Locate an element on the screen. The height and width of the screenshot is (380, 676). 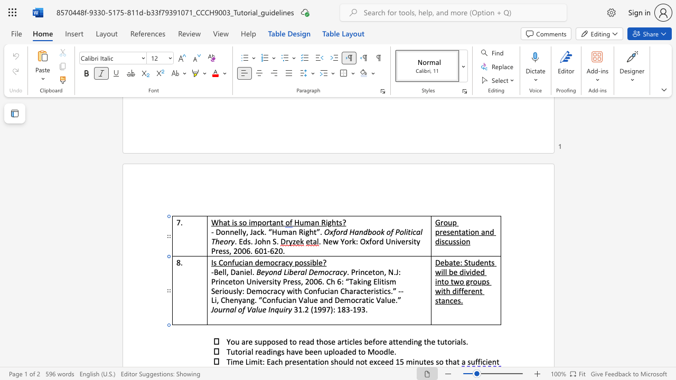
the 6th character "e" in the text is located at coordinates (370, 341).